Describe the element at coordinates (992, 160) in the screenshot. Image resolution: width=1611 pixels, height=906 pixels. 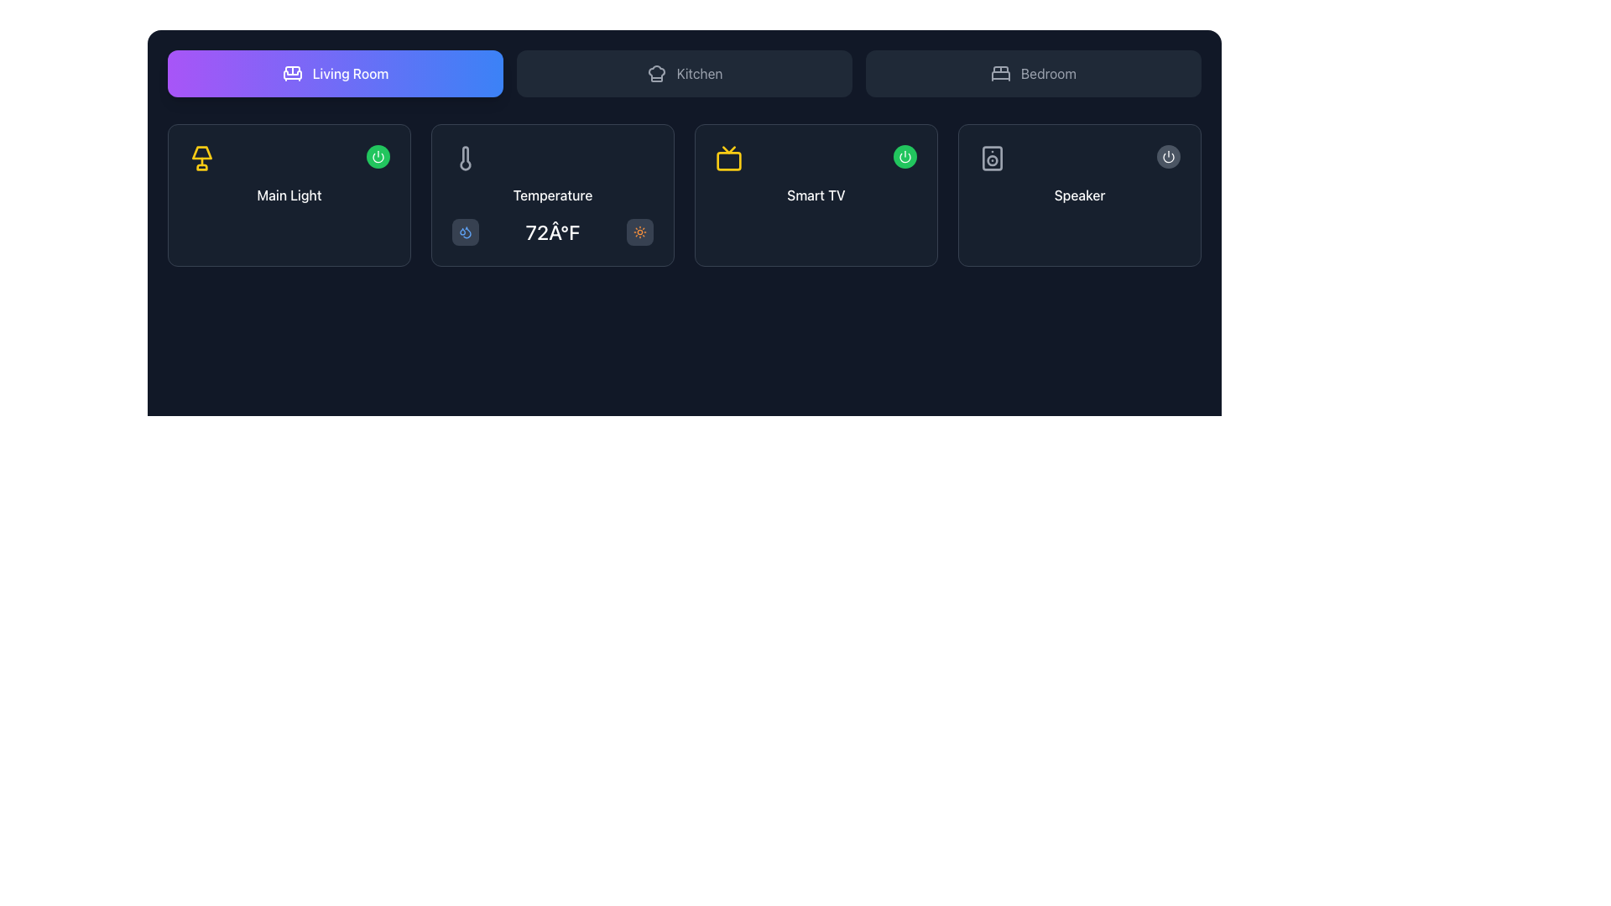
I see `the SVG circle representing a component of the speaker's visual icon, located on the far right of the row containing the Smart TV icon` at that location.